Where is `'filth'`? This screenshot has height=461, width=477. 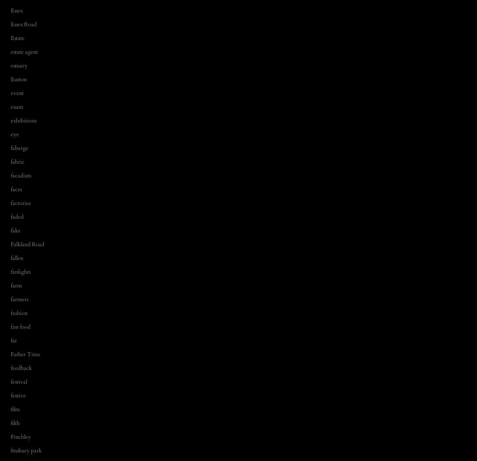
'filth' is located at coordinates (15, 422).